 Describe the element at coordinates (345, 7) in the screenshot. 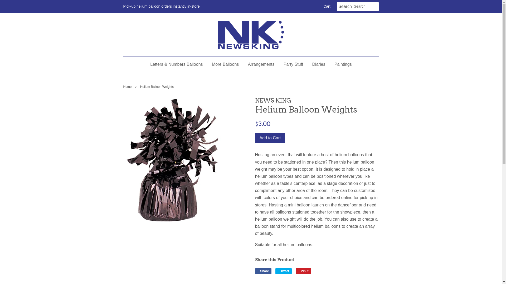

I see `'Search'` at that location.